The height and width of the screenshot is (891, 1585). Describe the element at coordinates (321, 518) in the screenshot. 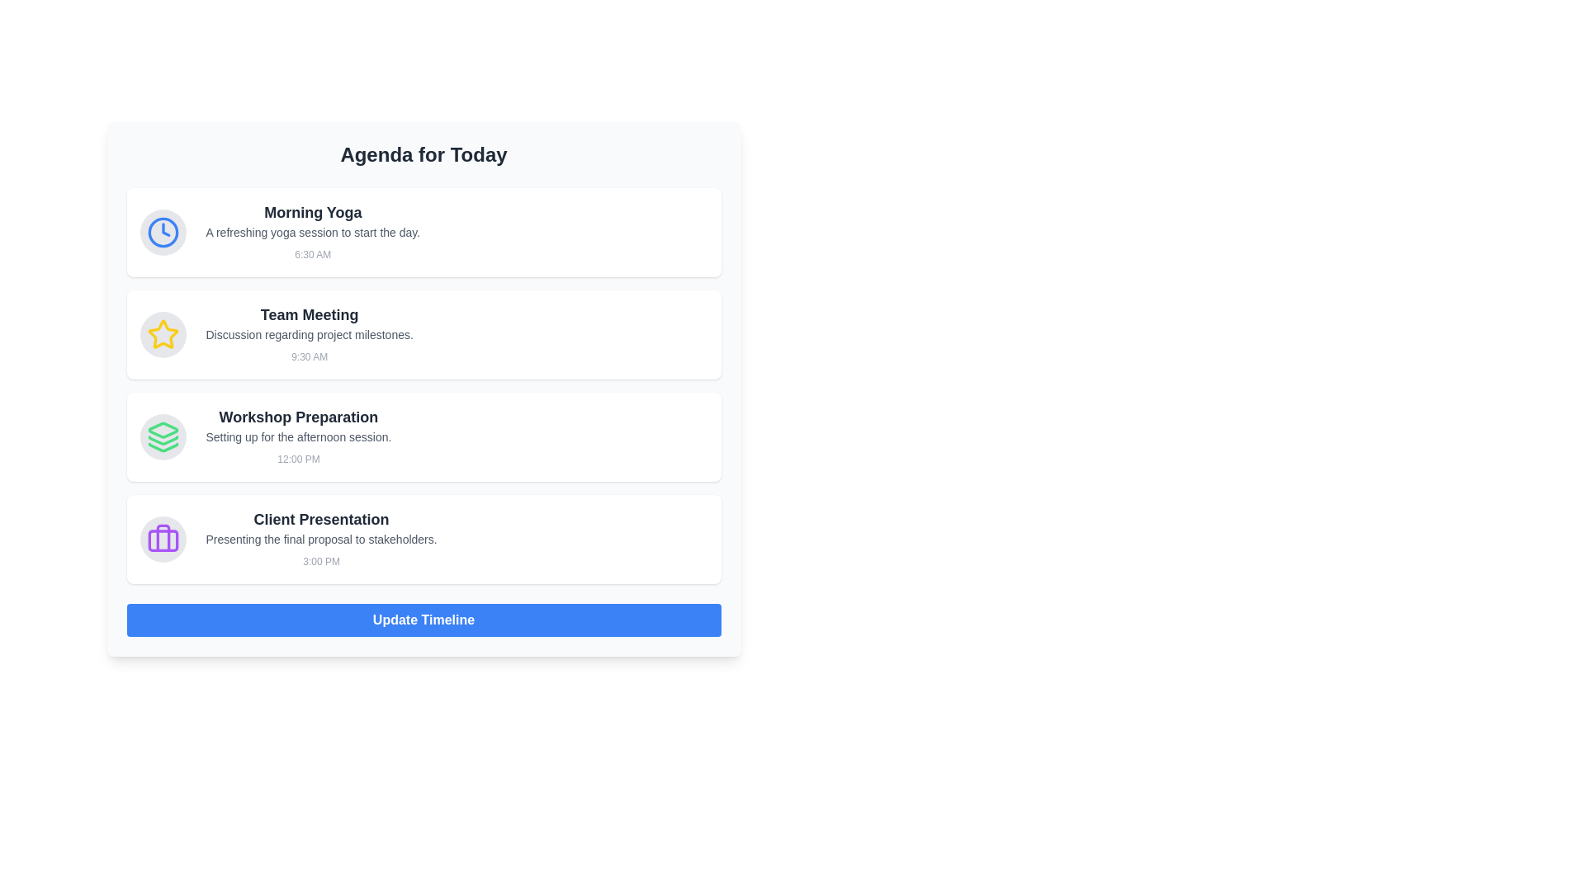

I see `the text label that serves as a heading for the agenda item located in the fourth row, positioned above the text 'Presenting the final proposal to stakeholders.' and below the timestamp '3:00 PM'` at that location.